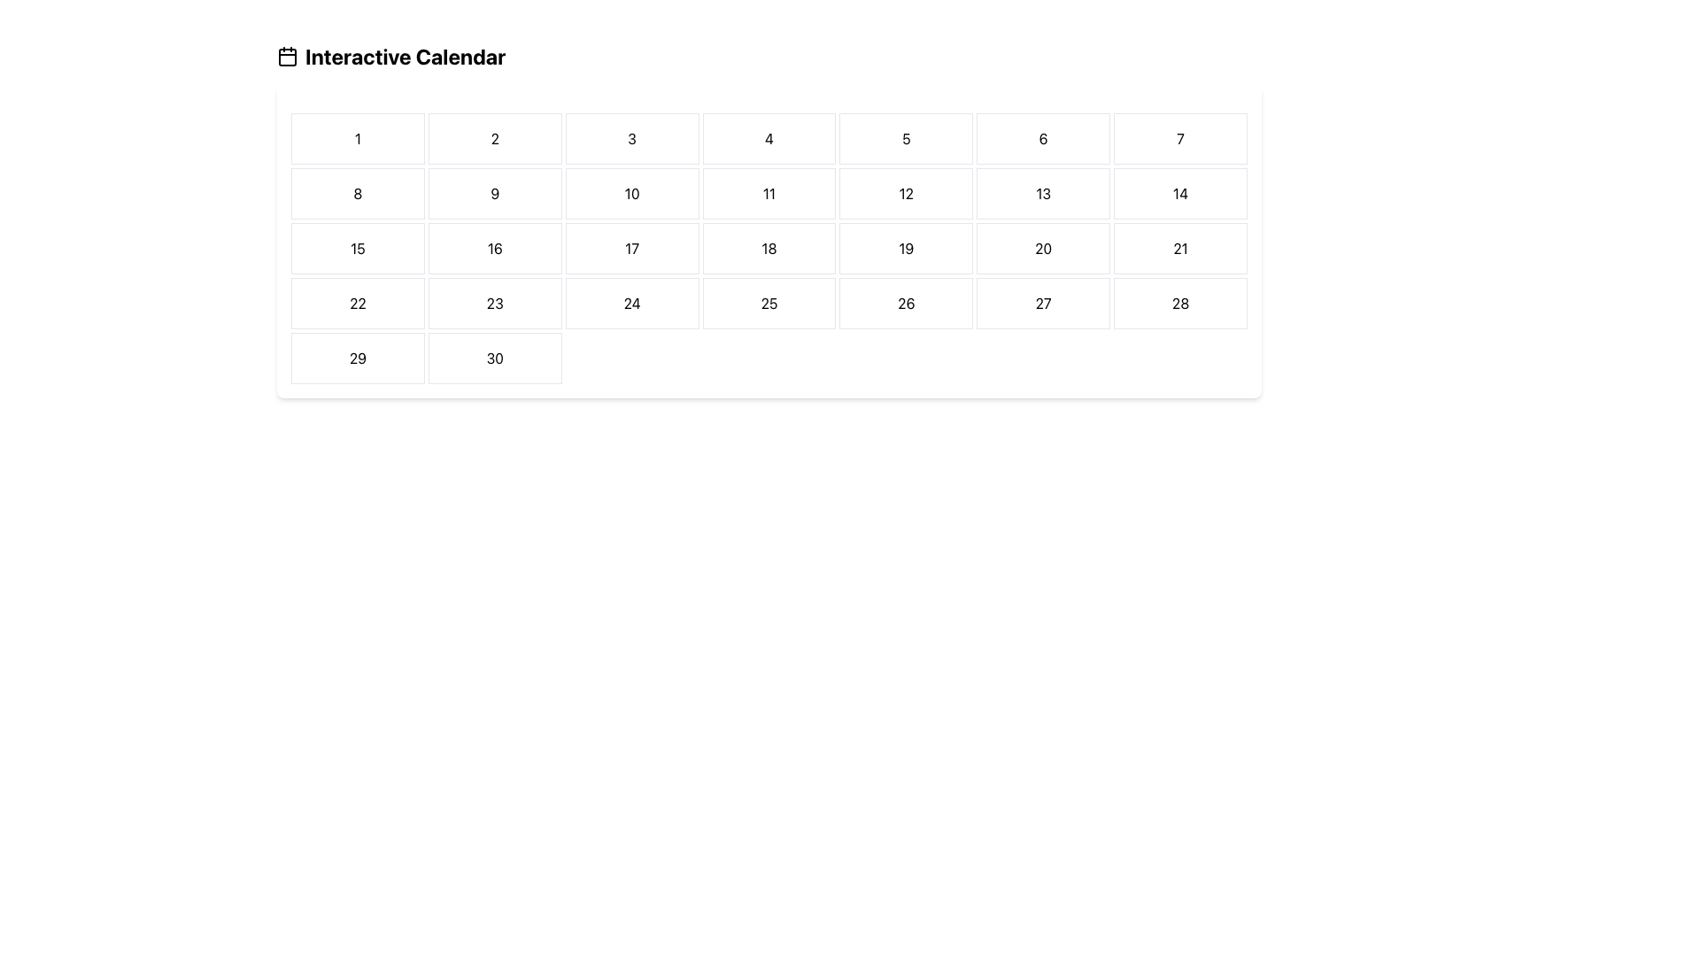 The image size is (1700, 956). I want to click on the square button containing the number '4', which has a white background and a thin border, located in the first row and fourth column of the grid layout, so click(769, 138).